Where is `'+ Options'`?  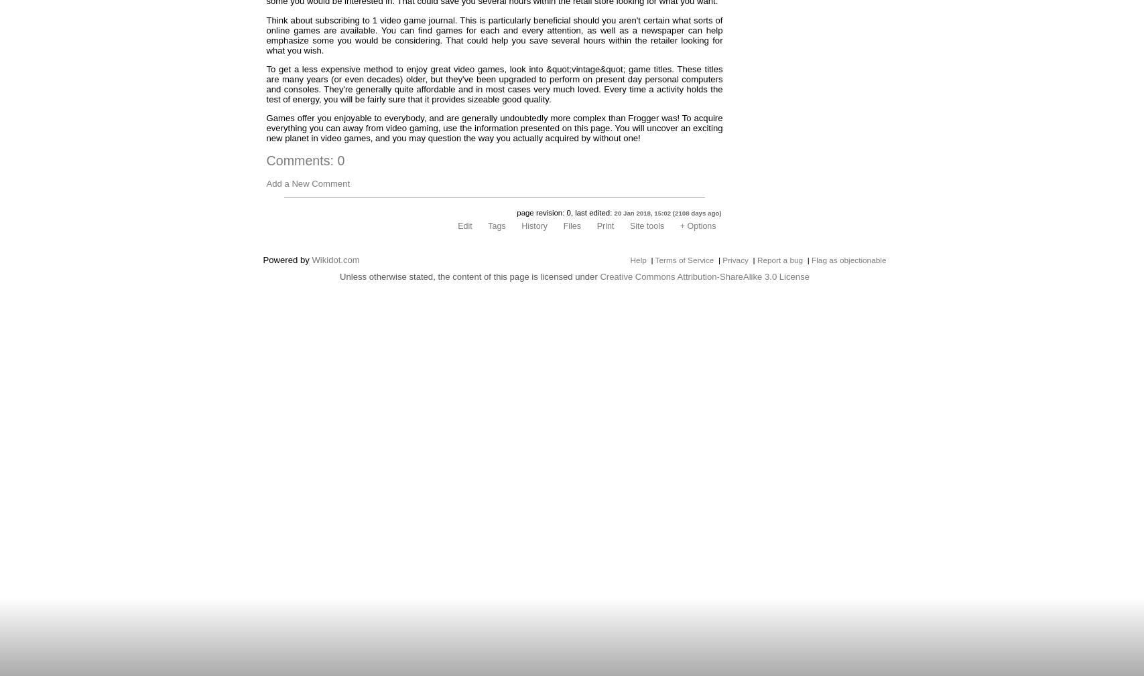 '+ Options' is located at coordinates (696, 226).